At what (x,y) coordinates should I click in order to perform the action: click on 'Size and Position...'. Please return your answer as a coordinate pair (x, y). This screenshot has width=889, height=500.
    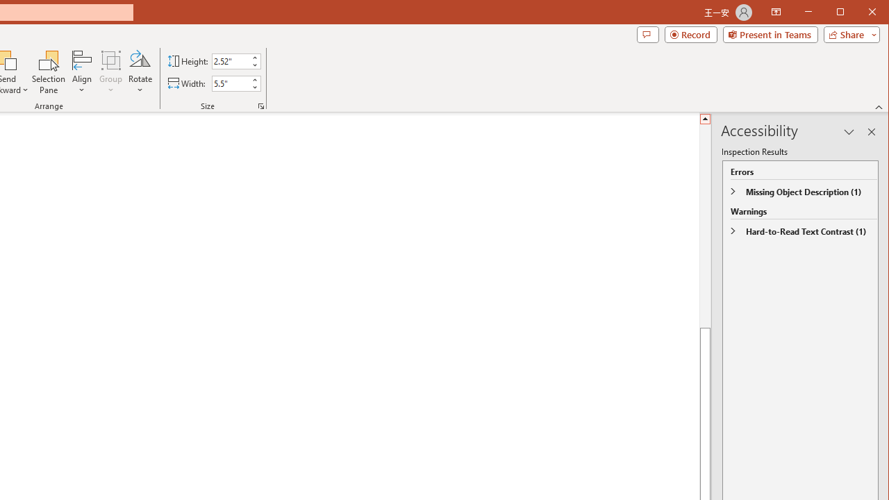
    Looking at the image, I should click on (261, 106).